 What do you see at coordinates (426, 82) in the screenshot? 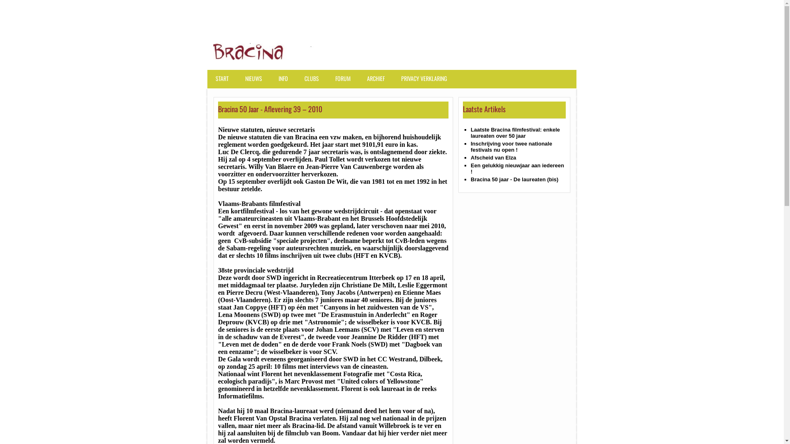
I see `'PRIVACY VERKLARING'` at bounding box center [426, 82].